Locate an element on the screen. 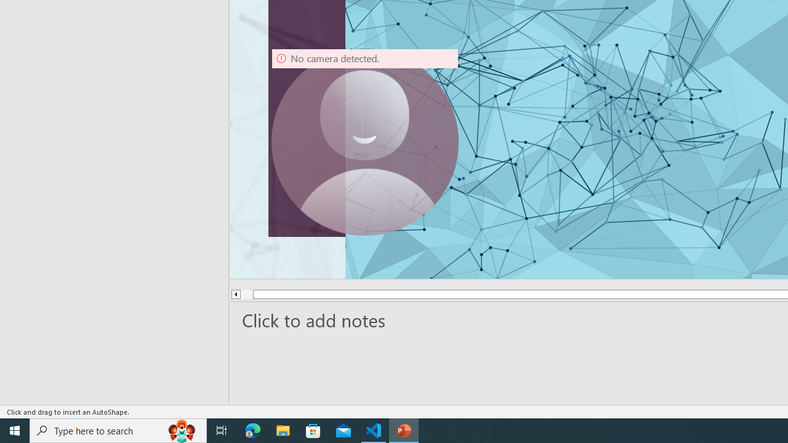 This screenshot has width=788, height=443. 'Camera 9, No camera detected.' is located at coordinates (364, 141).